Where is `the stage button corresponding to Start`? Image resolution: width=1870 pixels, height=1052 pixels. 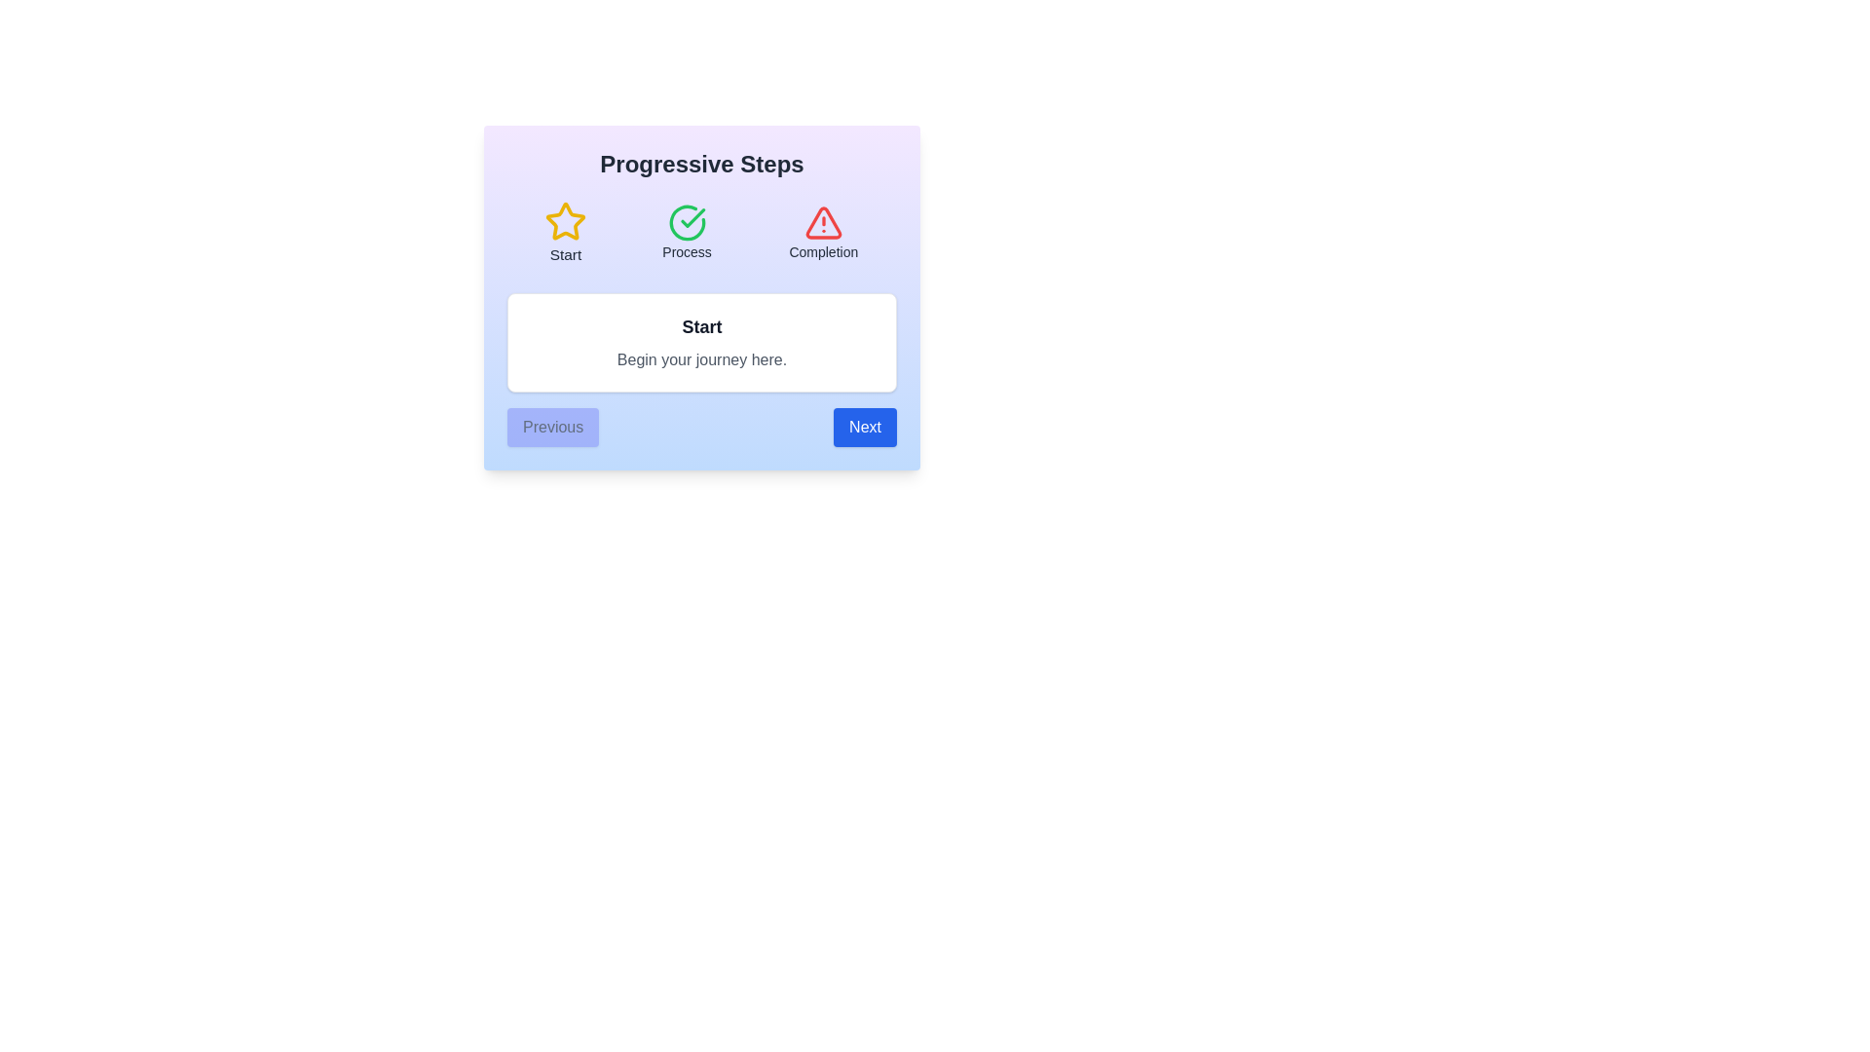
the stage button corresponding to Start is located at coordinates (564, 232).